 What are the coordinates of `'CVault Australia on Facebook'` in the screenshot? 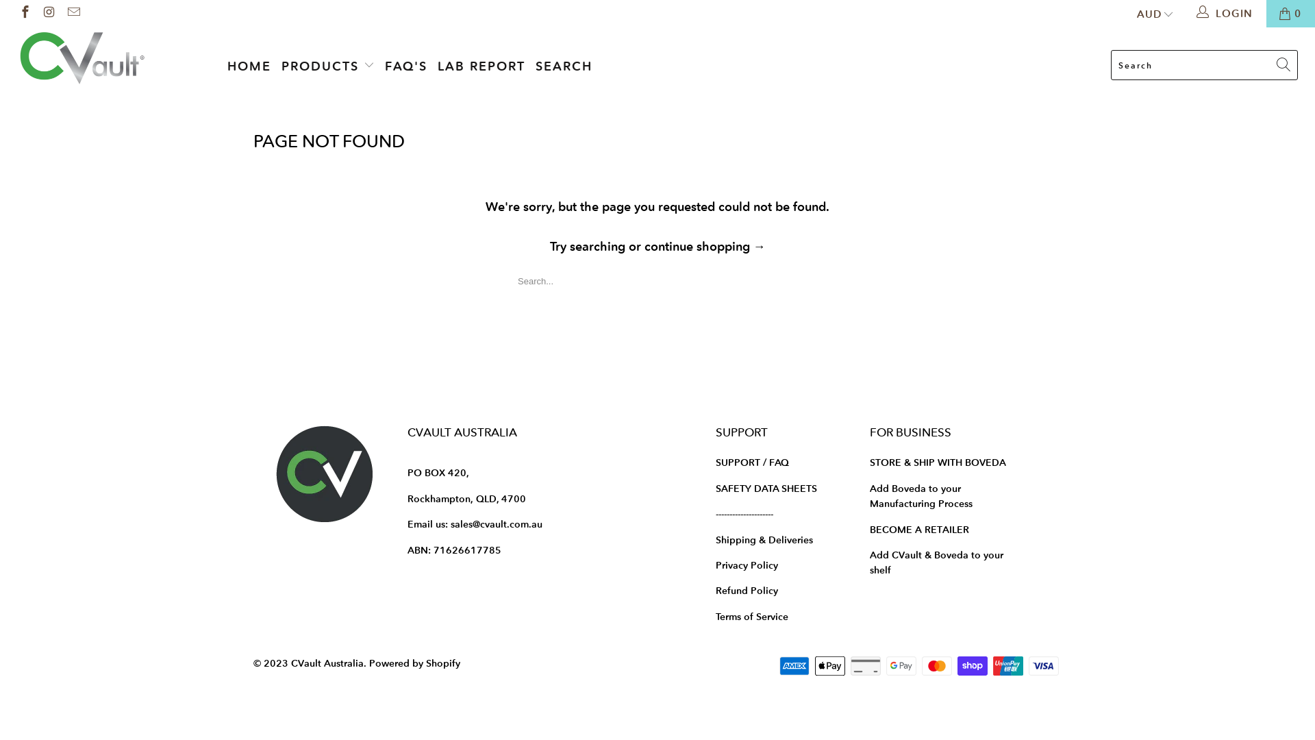 It's located at (16, 13).